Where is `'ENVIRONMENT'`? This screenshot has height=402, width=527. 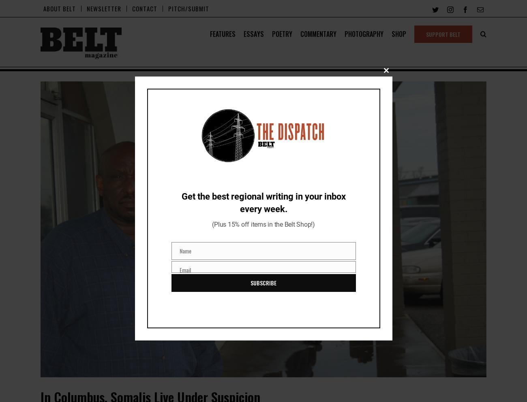
'ENVIRONMENT' is located at coordinates (218, 121).